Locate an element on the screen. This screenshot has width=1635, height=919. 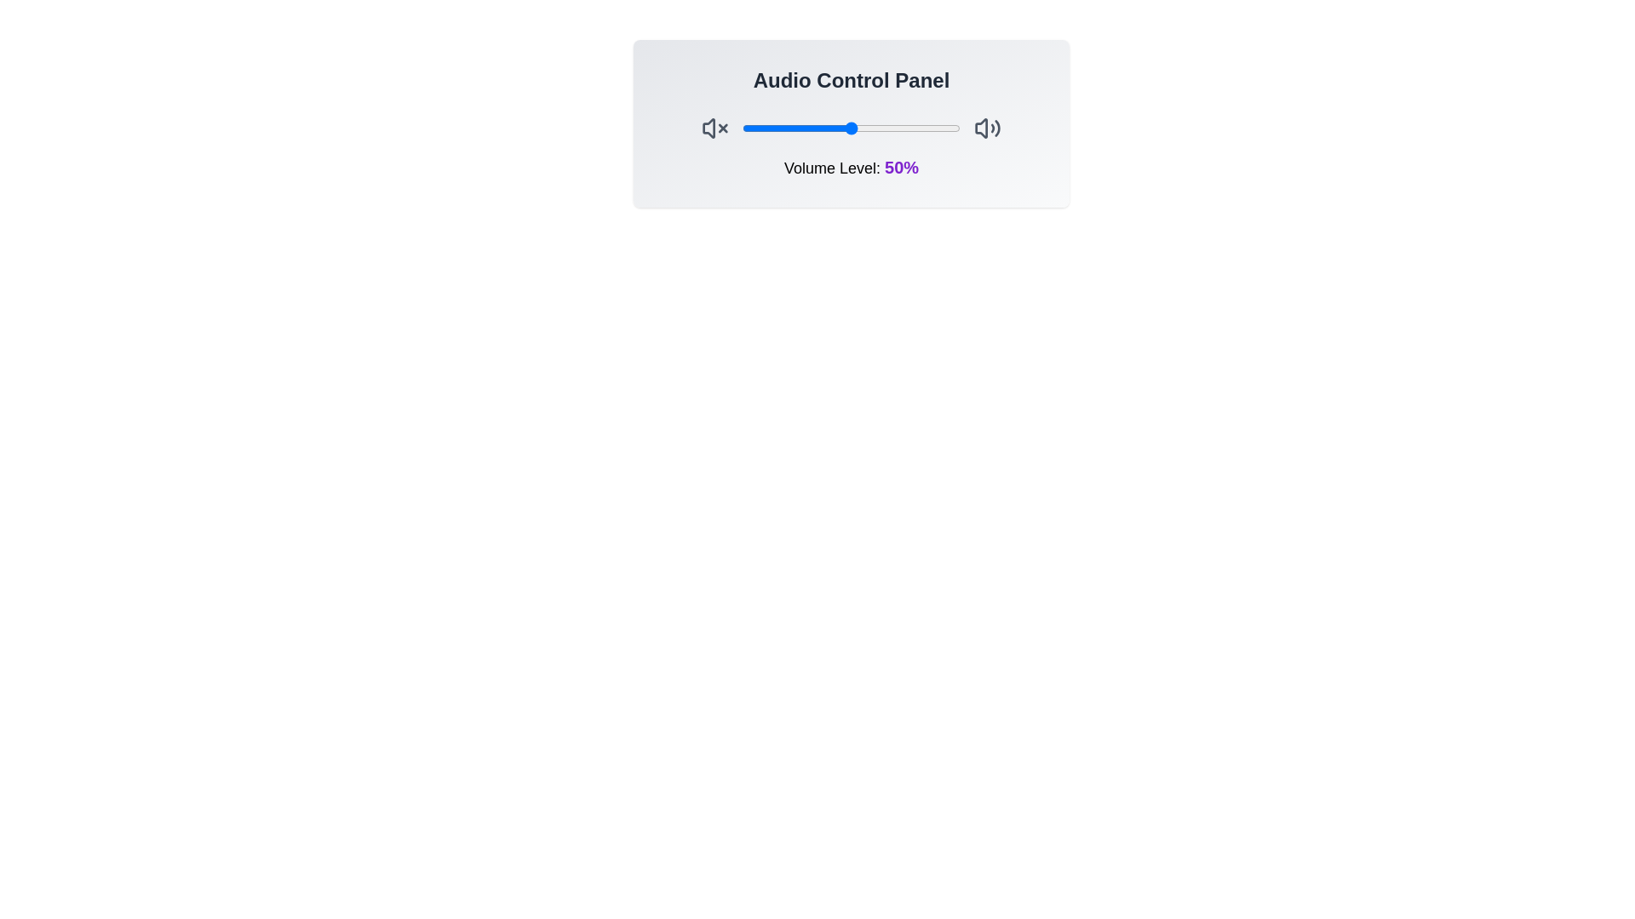
volume is located at coordinates (949, 127).